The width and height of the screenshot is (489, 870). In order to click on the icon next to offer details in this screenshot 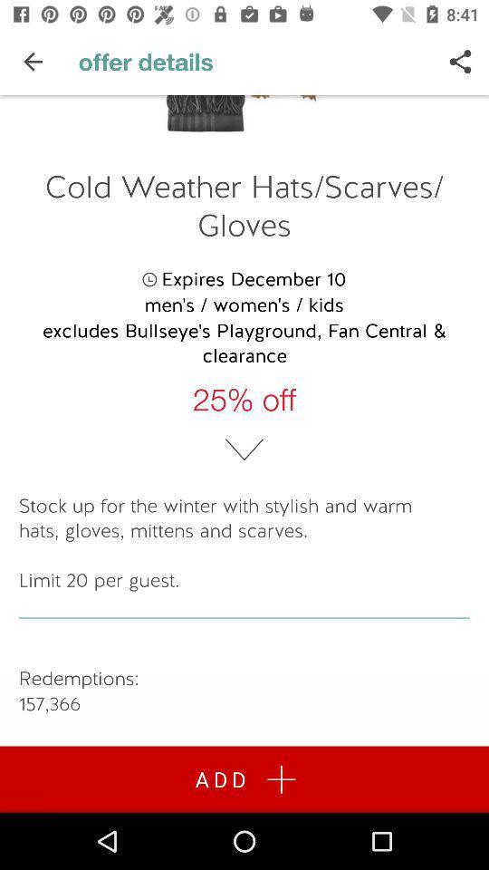, I will do `click(33, 62)`.